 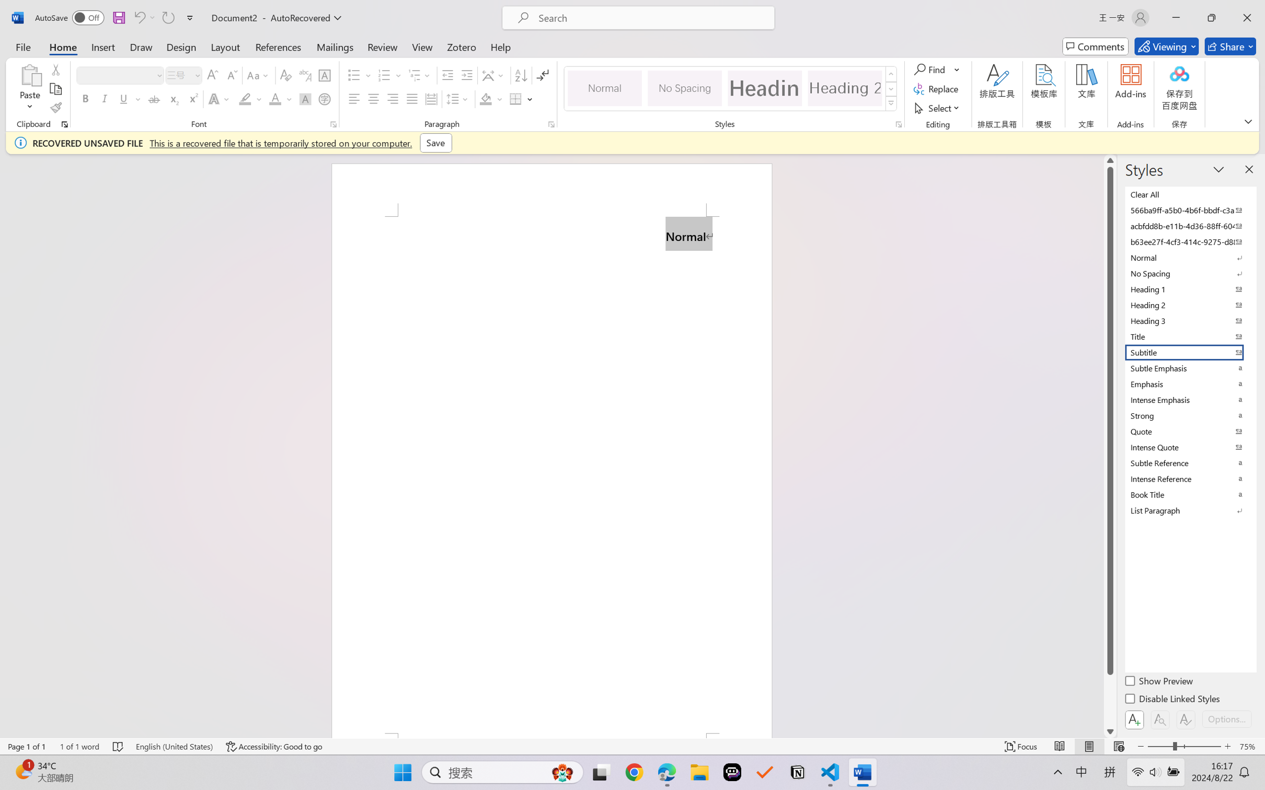 What do you see at coordinates (333, 124) in the screenshot?
I see `'Font...'` at bounding box center [333, 124].